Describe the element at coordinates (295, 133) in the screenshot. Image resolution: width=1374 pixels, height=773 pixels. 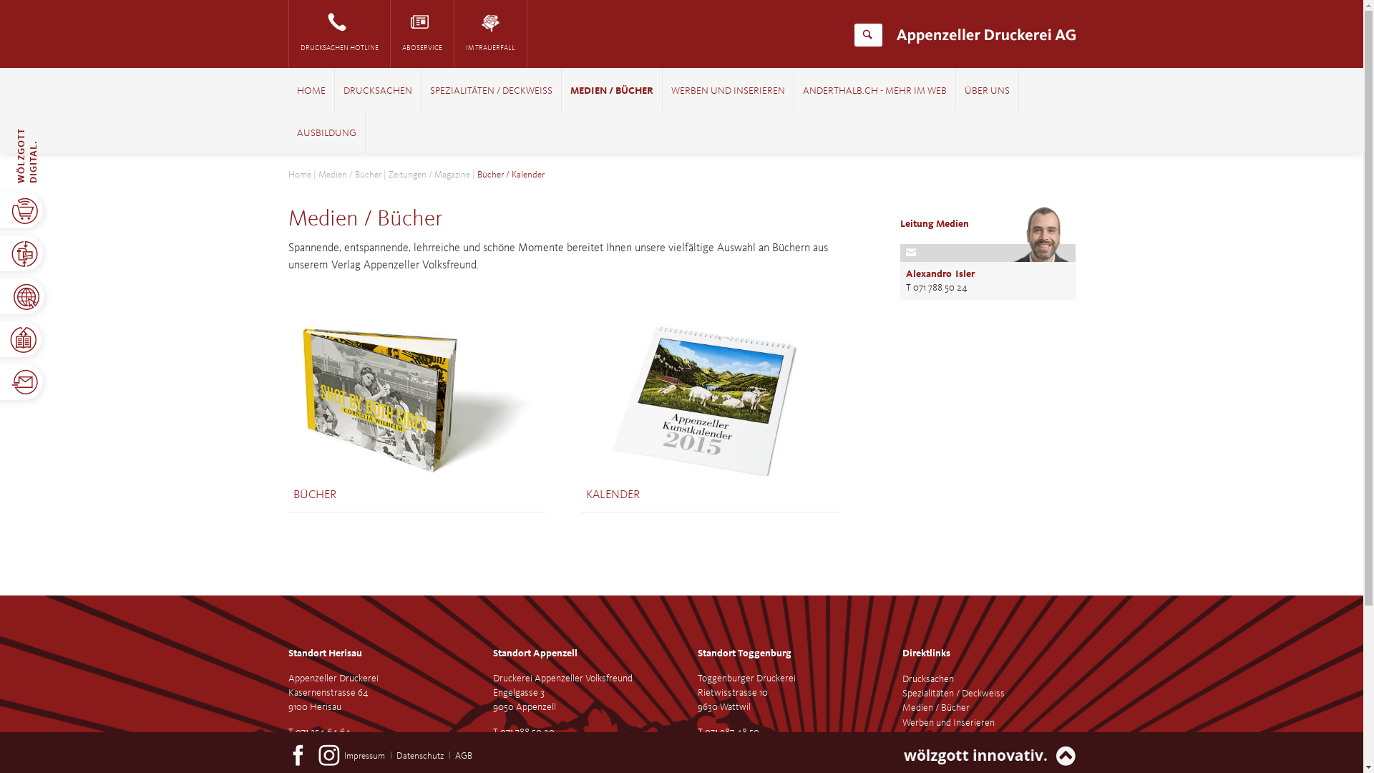
I see `'AUSBILDUNG'` at that location.